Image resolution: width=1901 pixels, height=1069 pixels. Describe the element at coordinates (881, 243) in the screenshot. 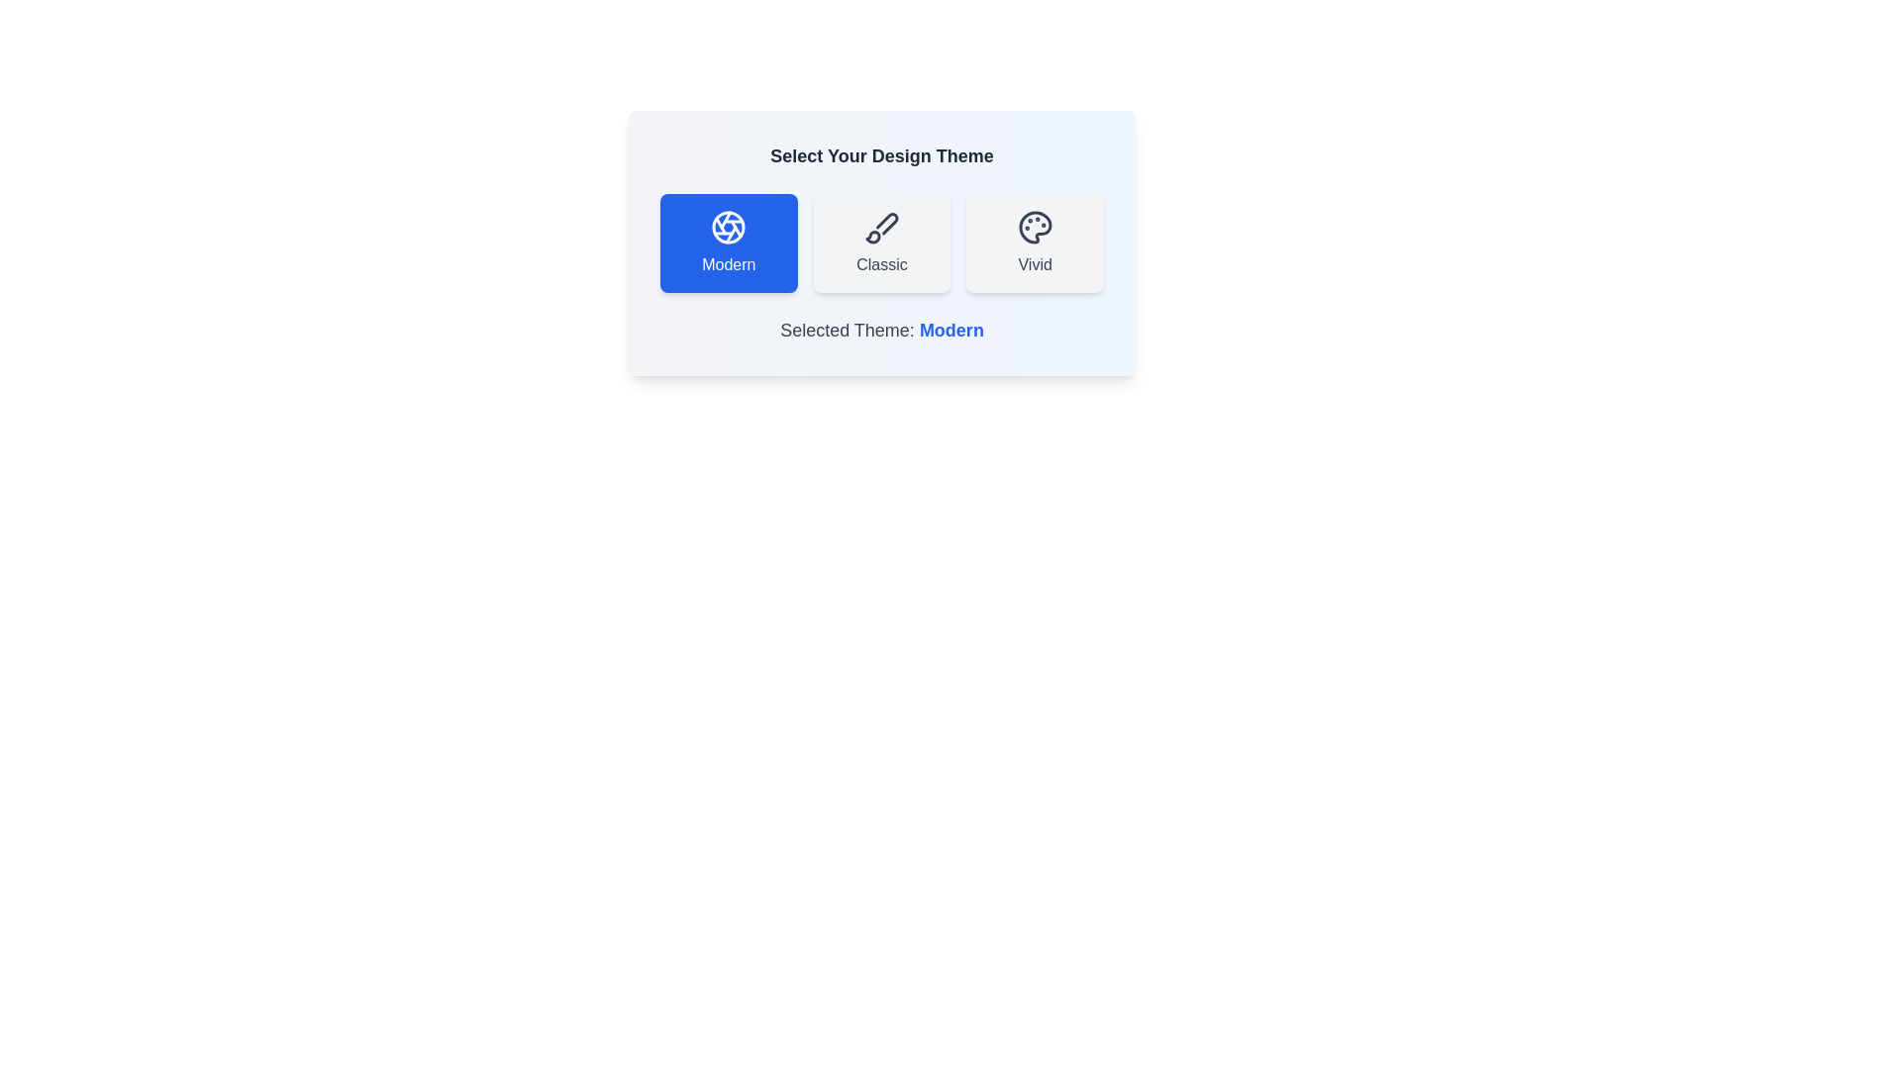

I see `the theme Classic by clicking on its corresponding button` at that location.